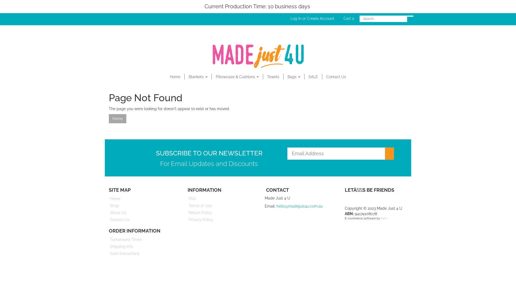 This screenshot has width=516, height=290. I want to click on 'Log In or Create Account', so click(312, 18).